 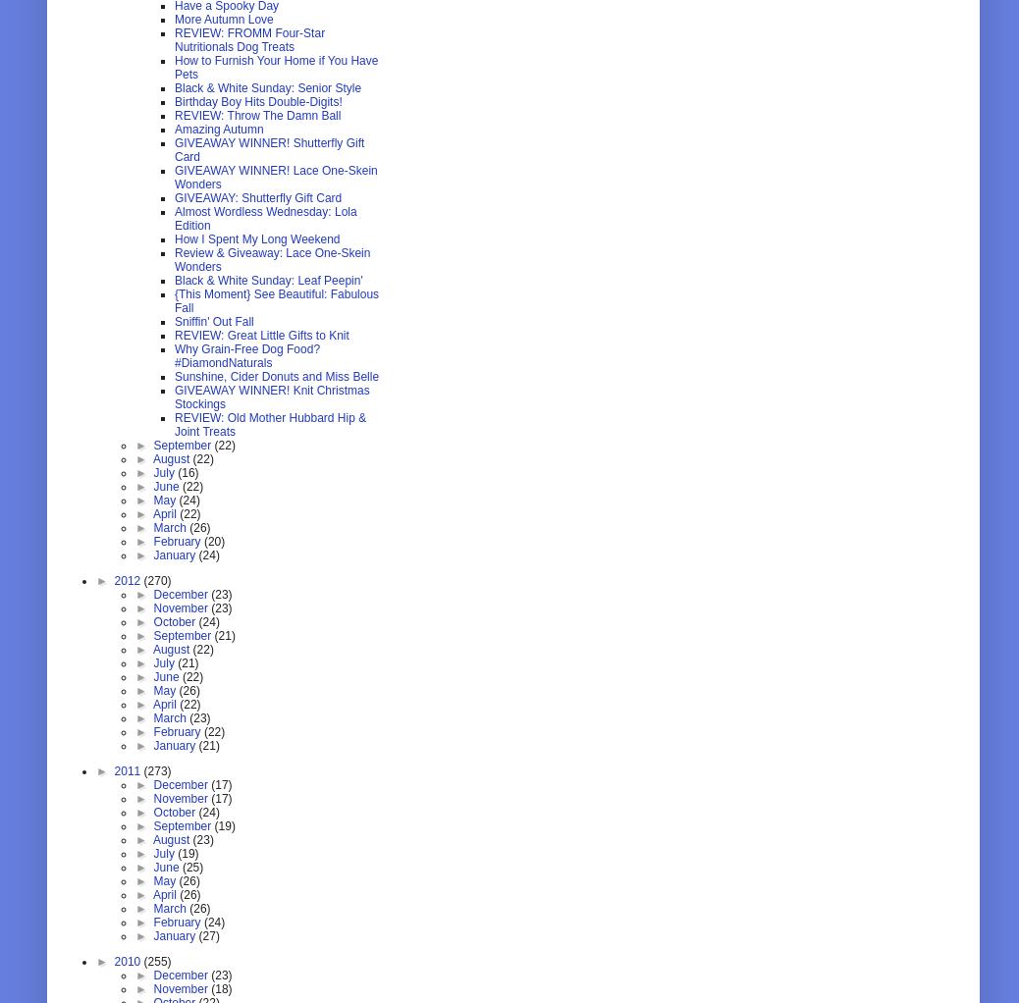 I want to click on 'Birthday Boy Hits Double-Digits!', so click(x=258, y=101).